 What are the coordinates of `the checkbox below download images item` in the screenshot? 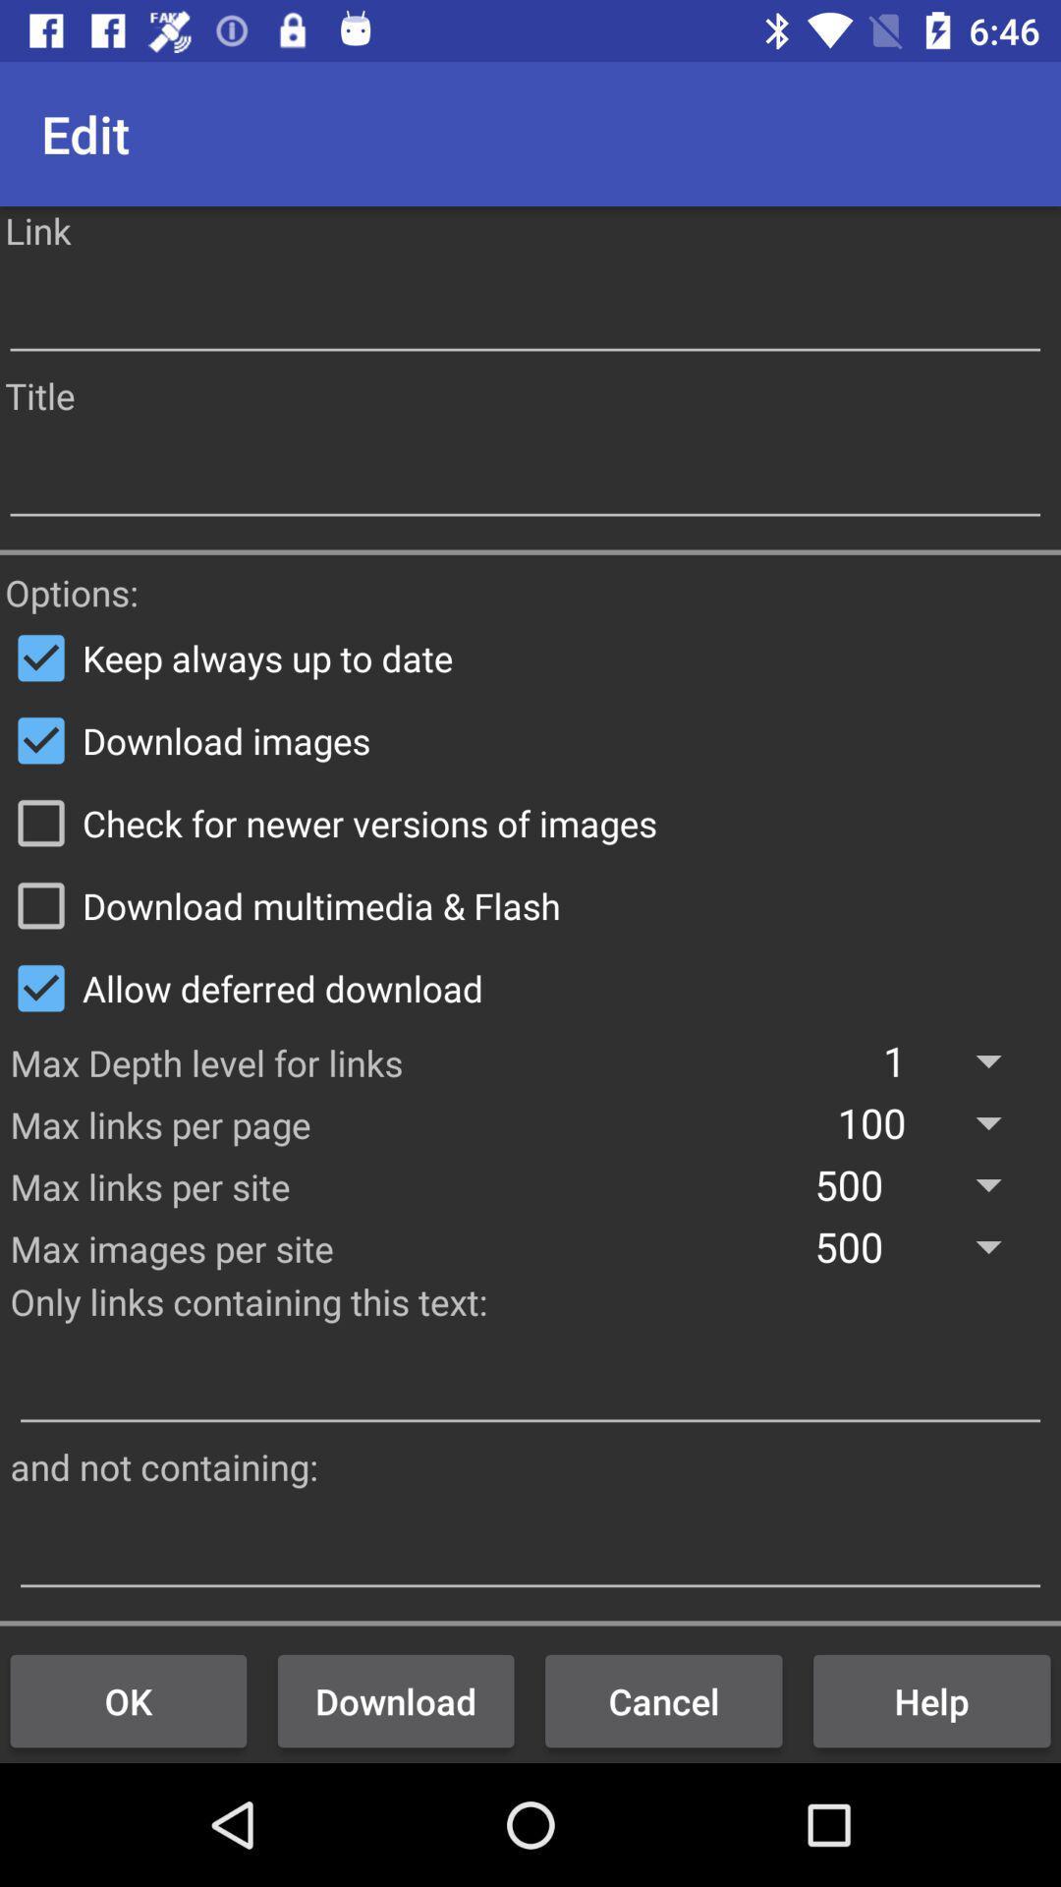 It's located at (530, 823).